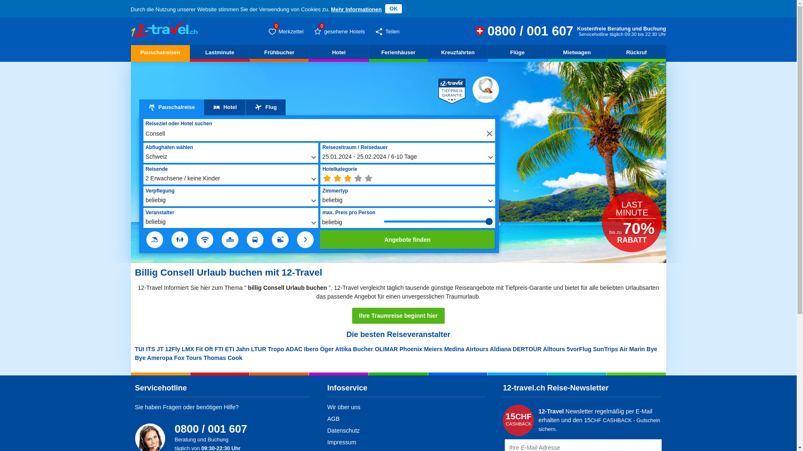 This screenshot has width=803, height=451. Describe the element at coordinates (606, 349) in the screenshot. I see `'SunTrips'` at that location.